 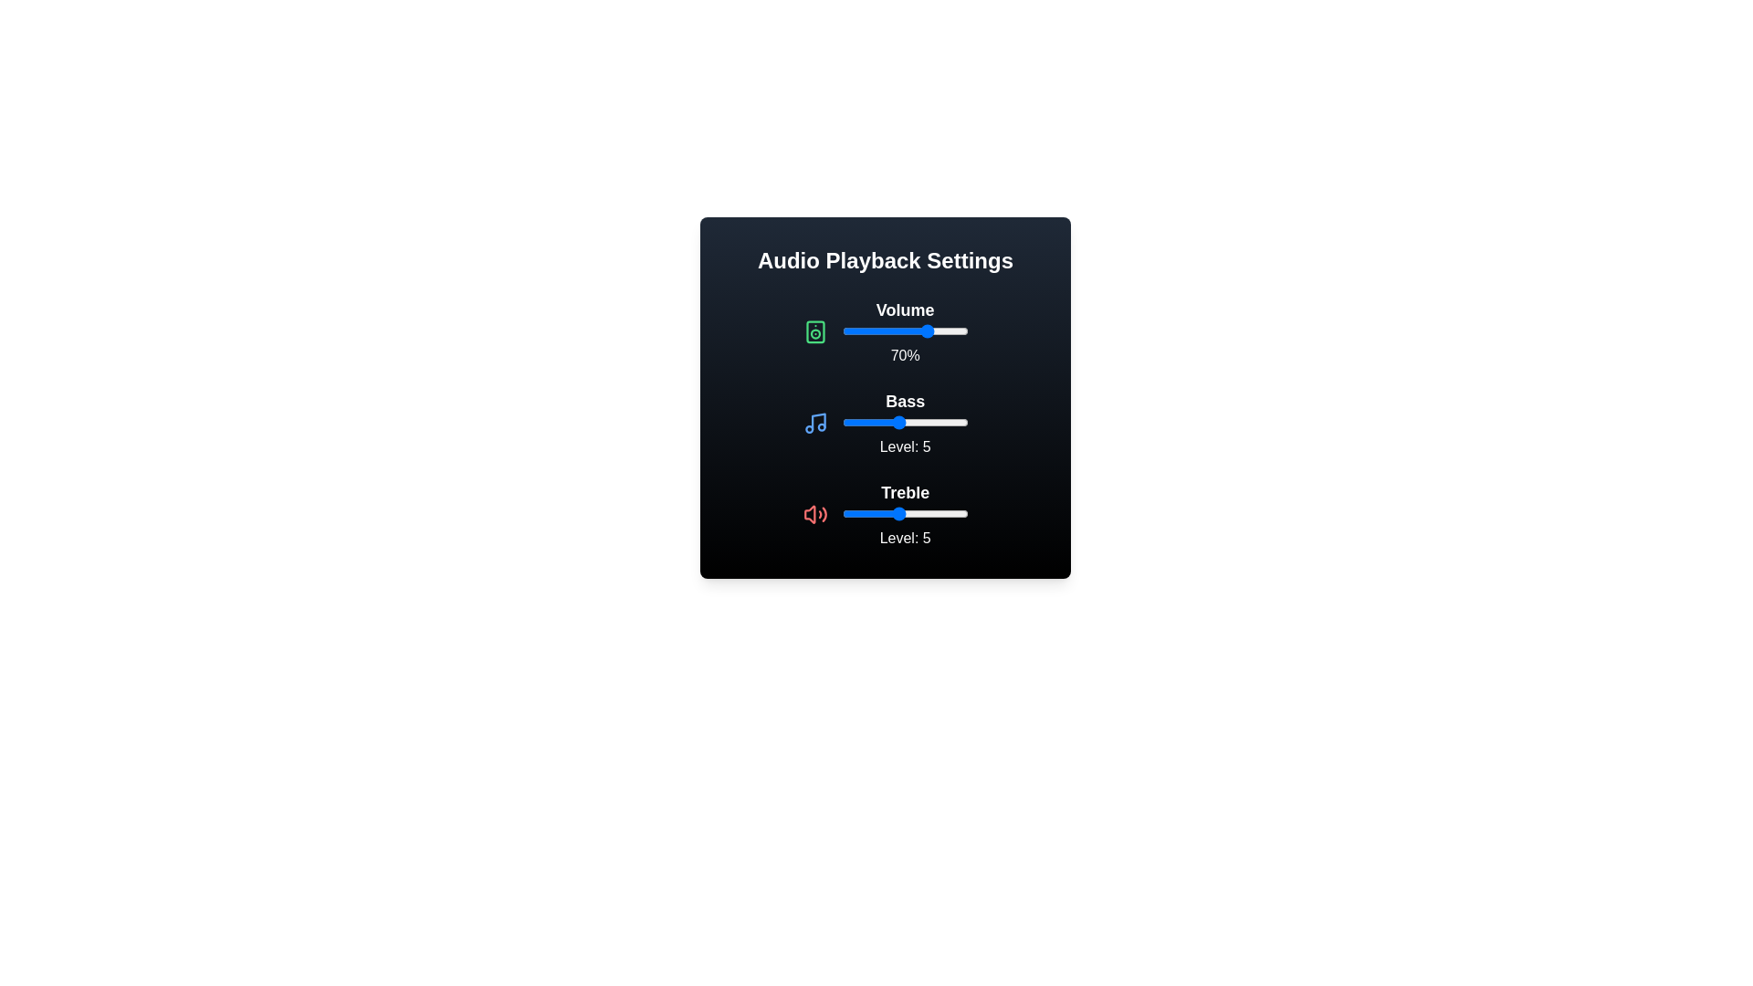 What do you see at coordinates (926, 422) in the screenshot?
I see `bass level` at bounding box center [926, 422].